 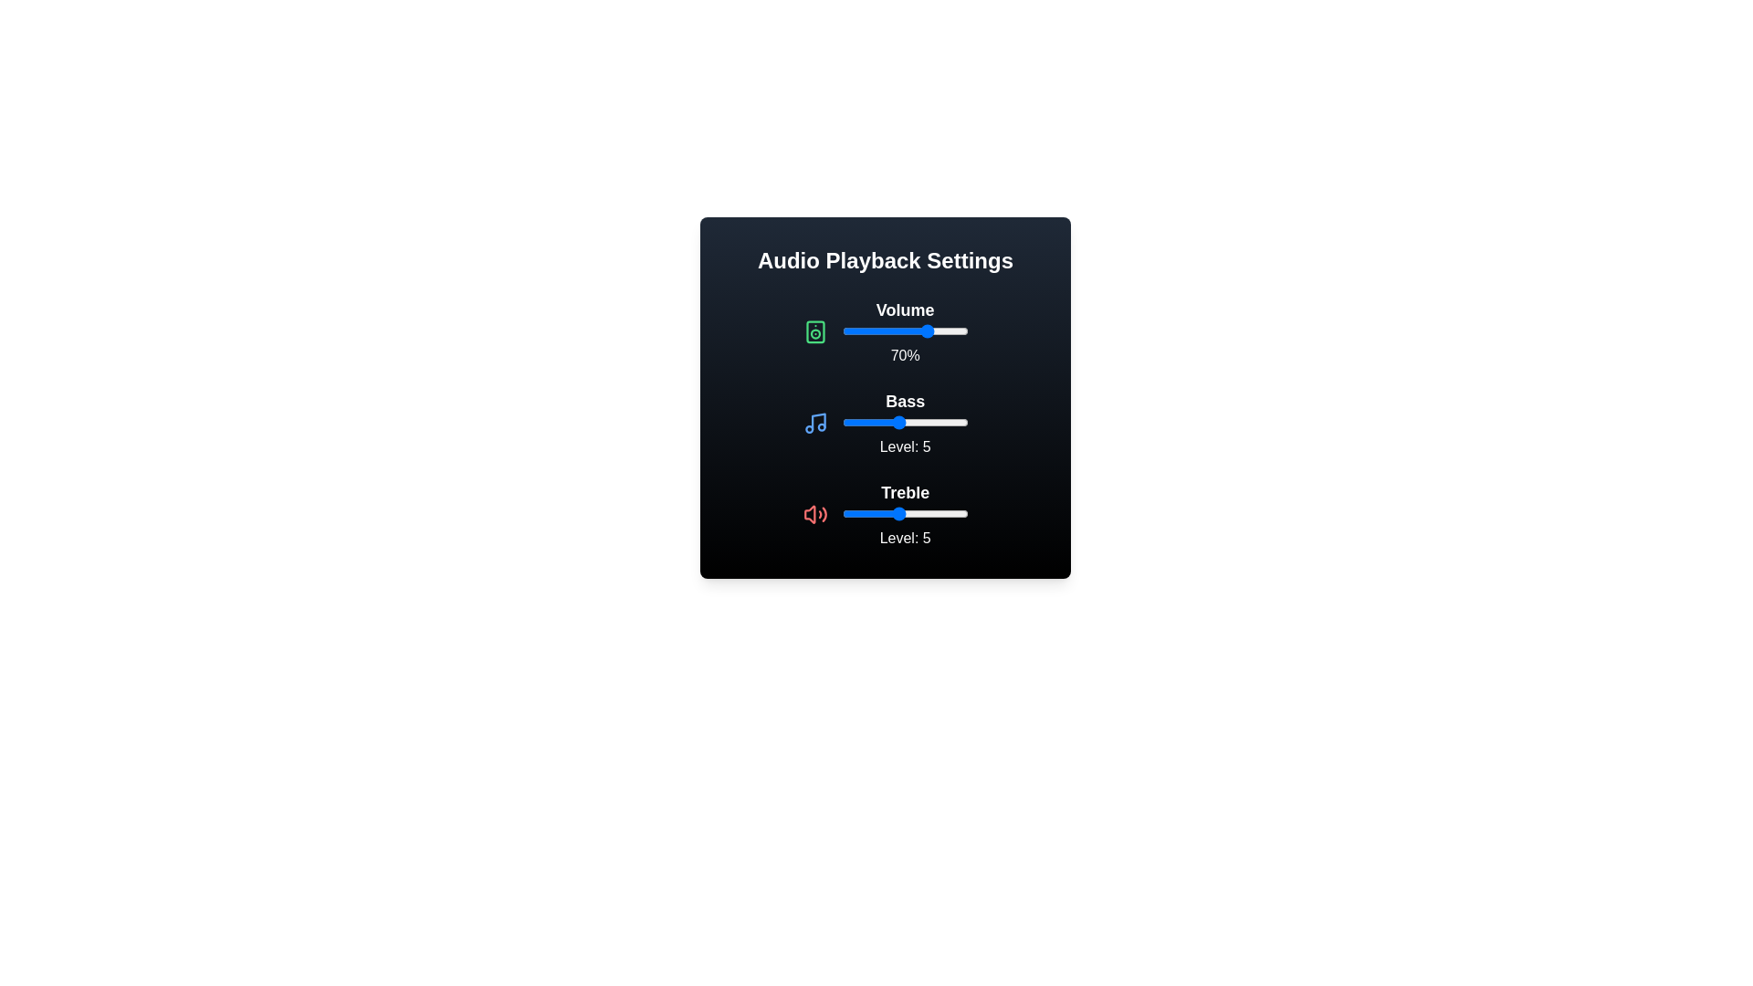 What do you see at coordinates (926, 422) in the screenshot?
I see `bass level` at bounding box center [926, 422].